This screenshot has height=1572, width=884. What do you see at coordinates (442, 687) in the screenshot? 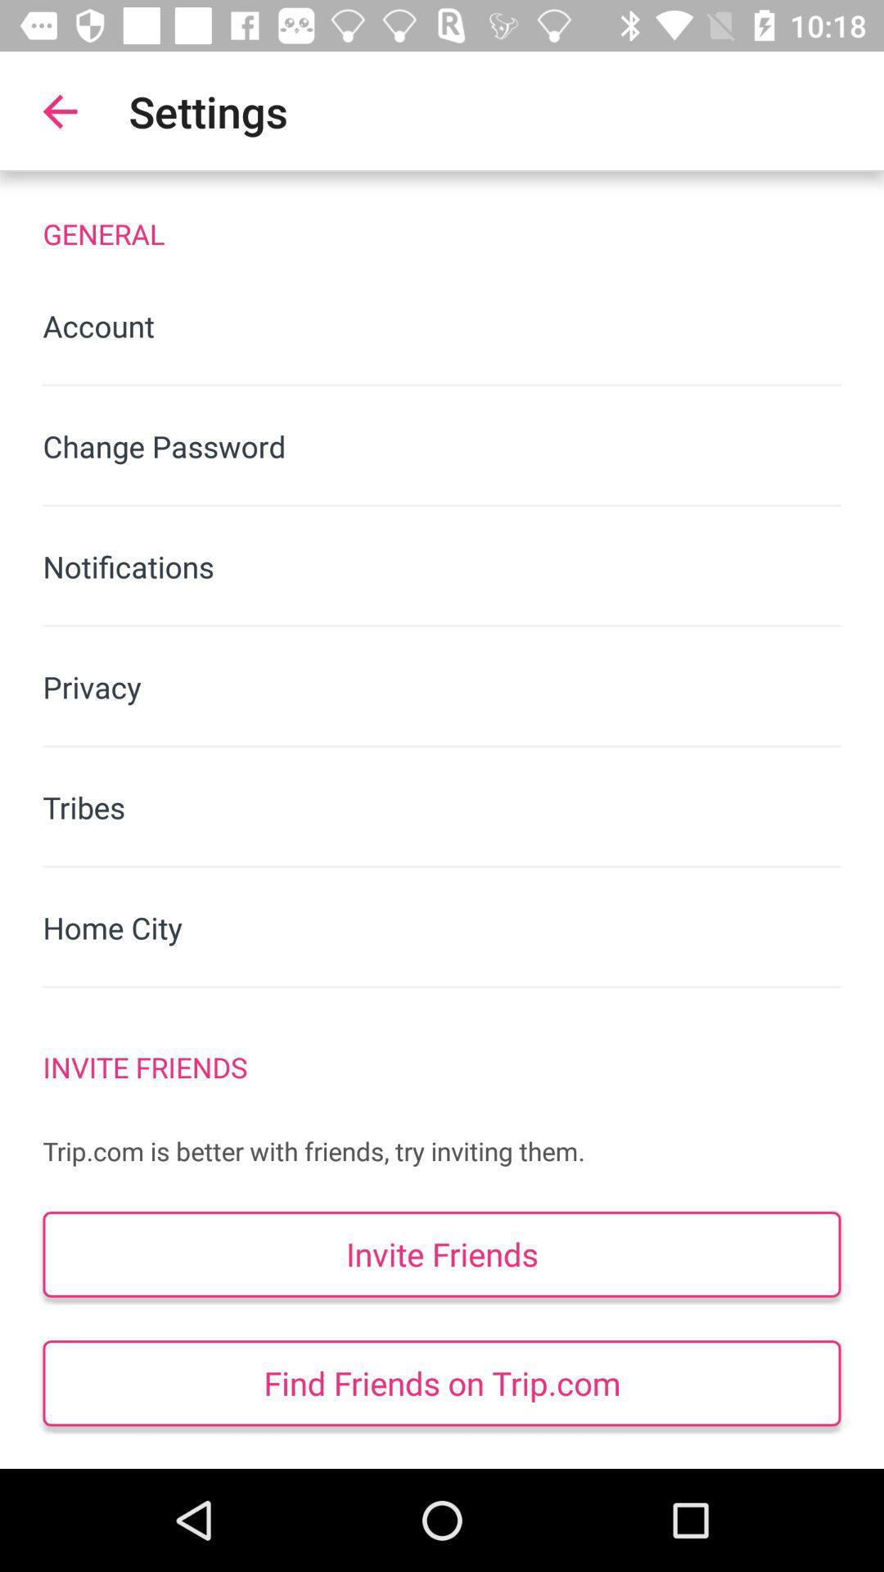
I see `privacy` at bounding box center [442, 687].